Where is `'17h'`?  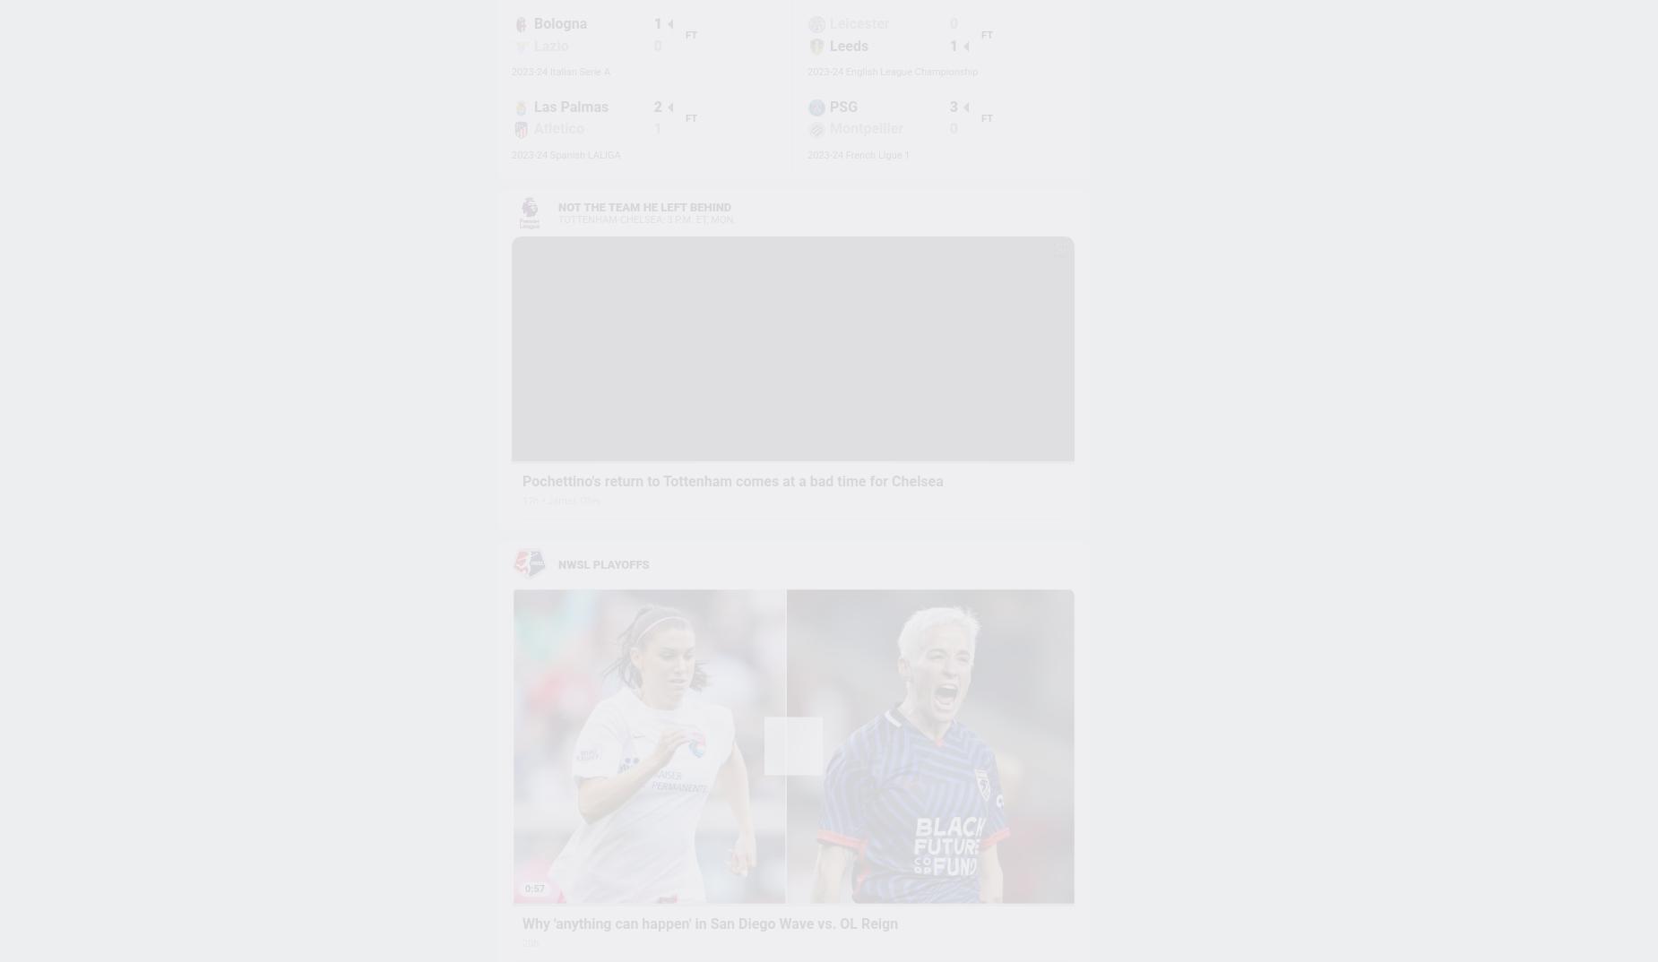
'17h' is located at coordinates (531, 500).